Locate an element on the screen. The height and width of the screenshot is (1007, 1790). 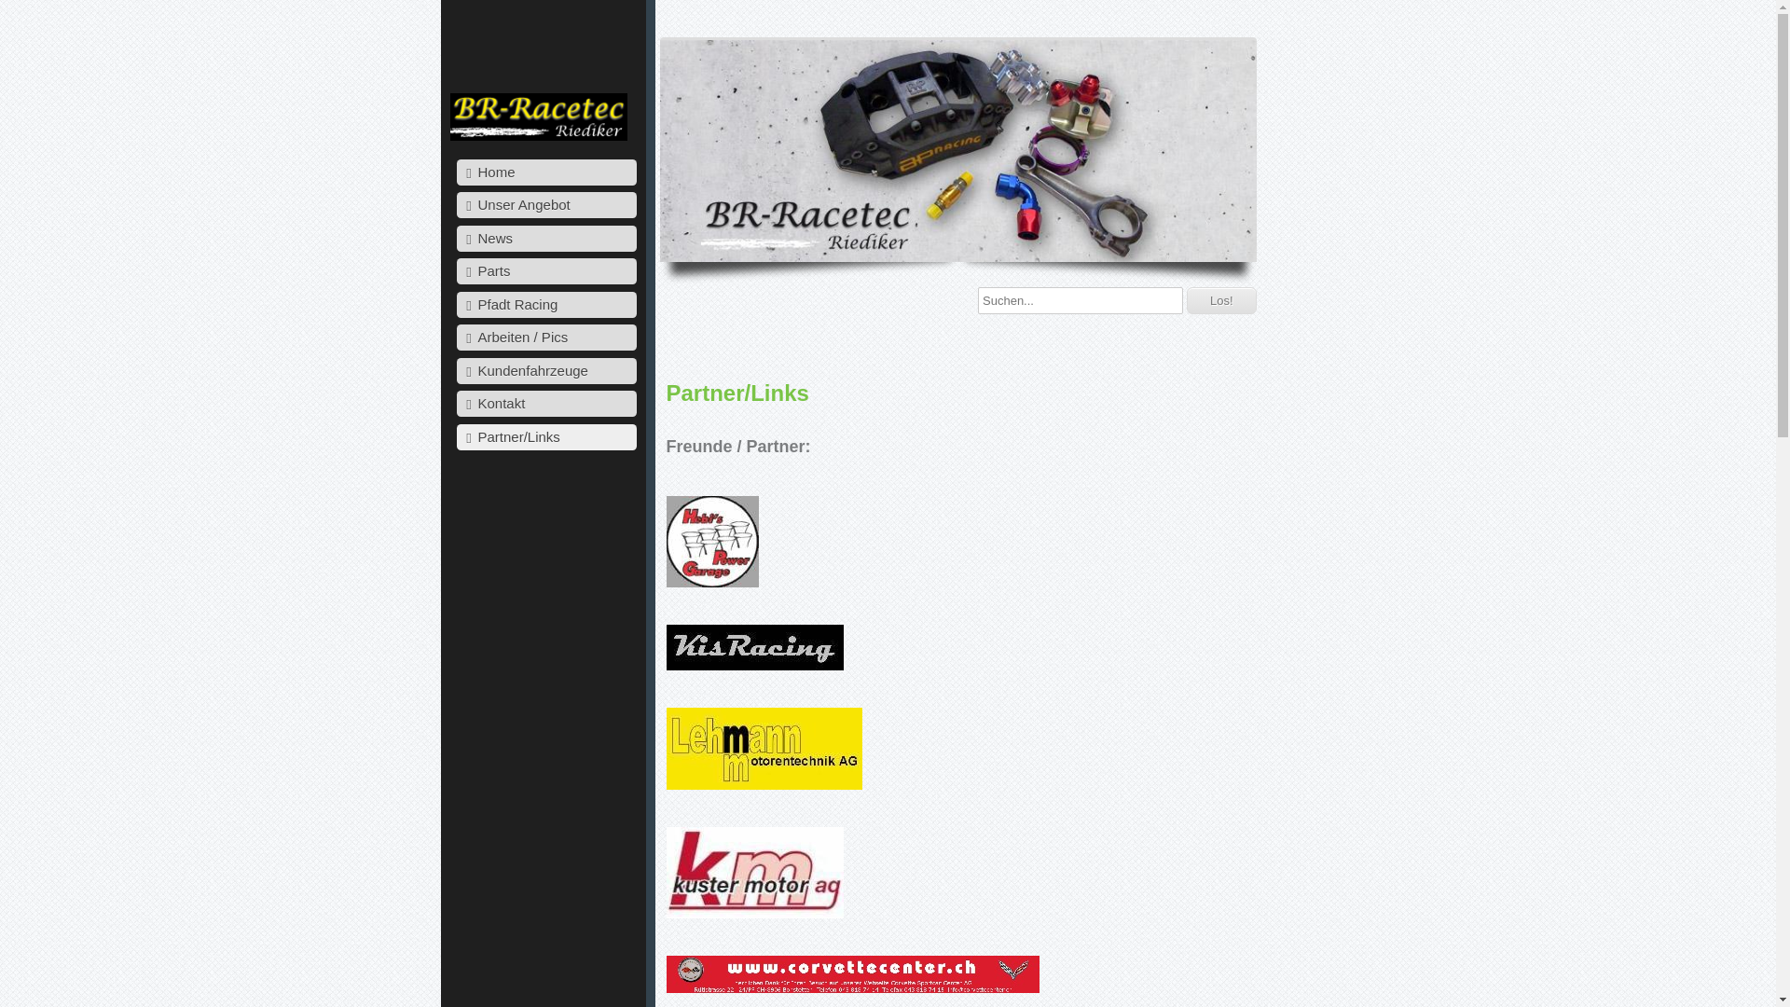
'Kontakt' is located at coordinates (545, 402).